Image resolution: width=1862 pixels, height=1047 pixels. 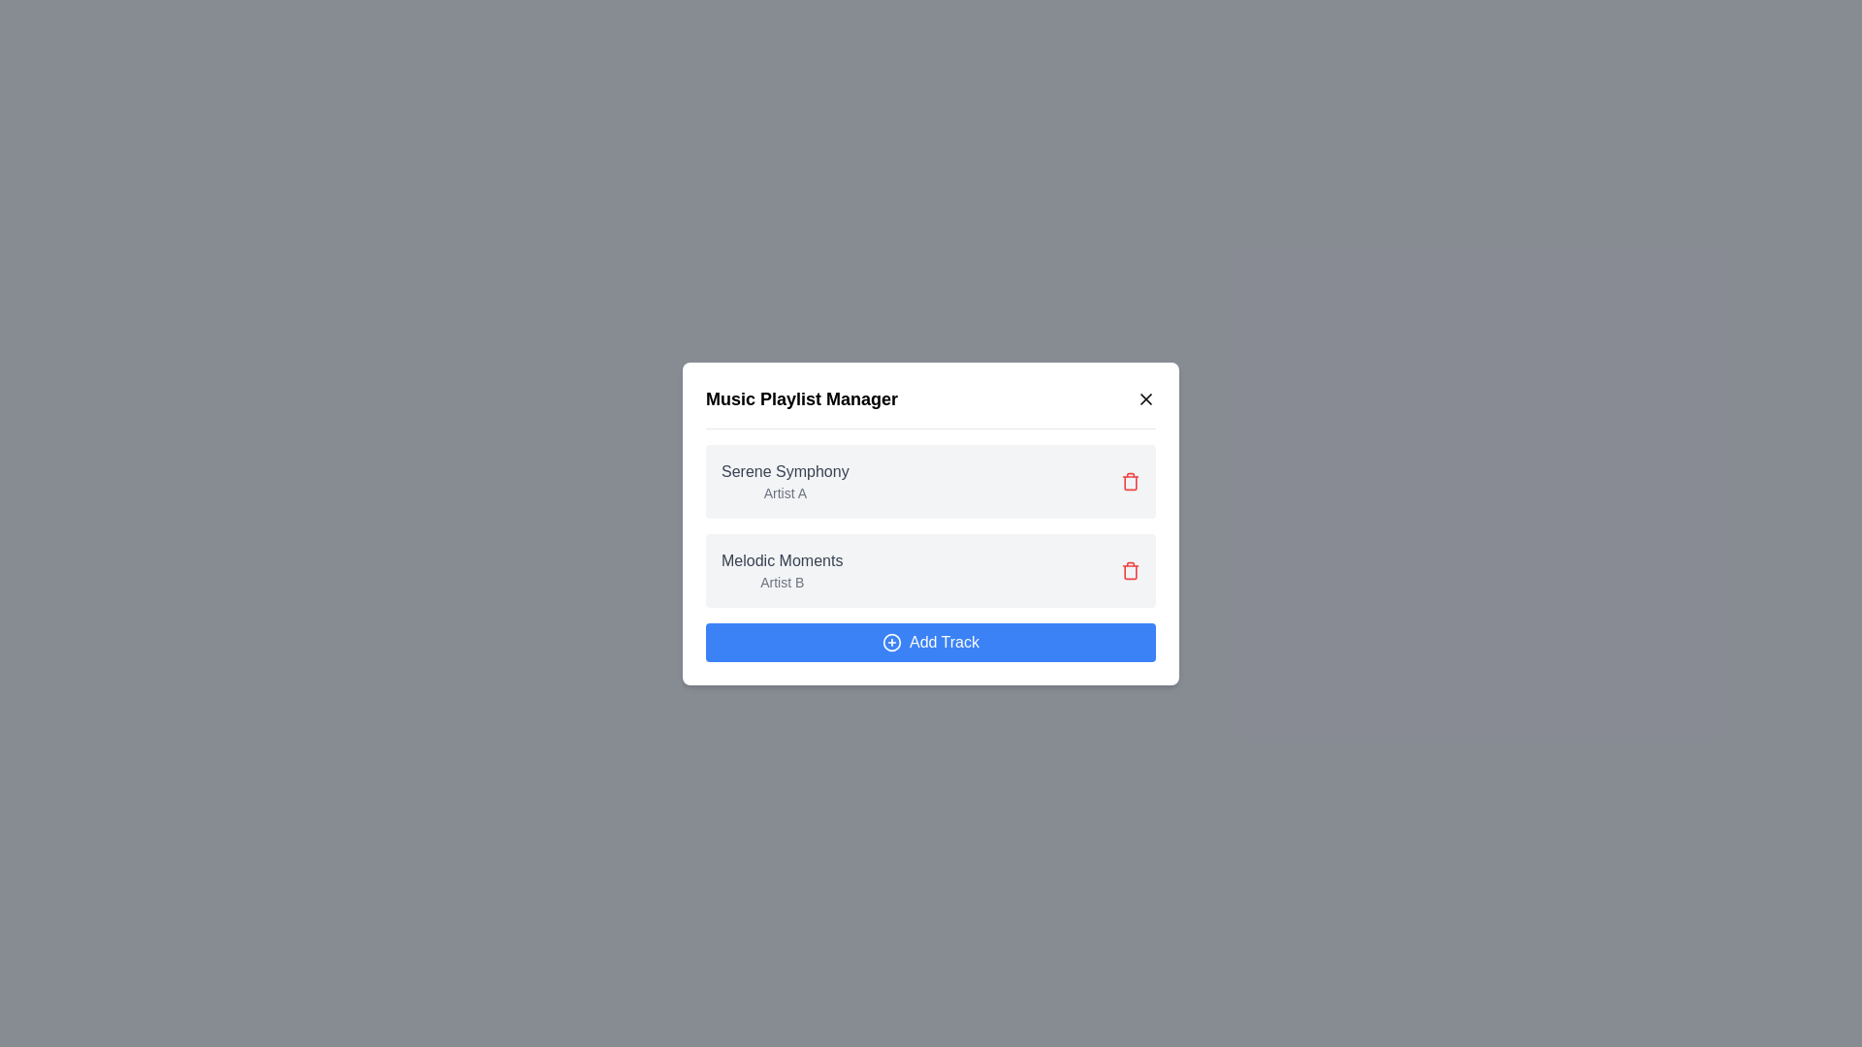 What do you see at coordinates (1145, 397) in the screenshot?
I see `the button in the top-right corner of the 'Music Playlist Manager' modal` at bounding box center [1145, 397].